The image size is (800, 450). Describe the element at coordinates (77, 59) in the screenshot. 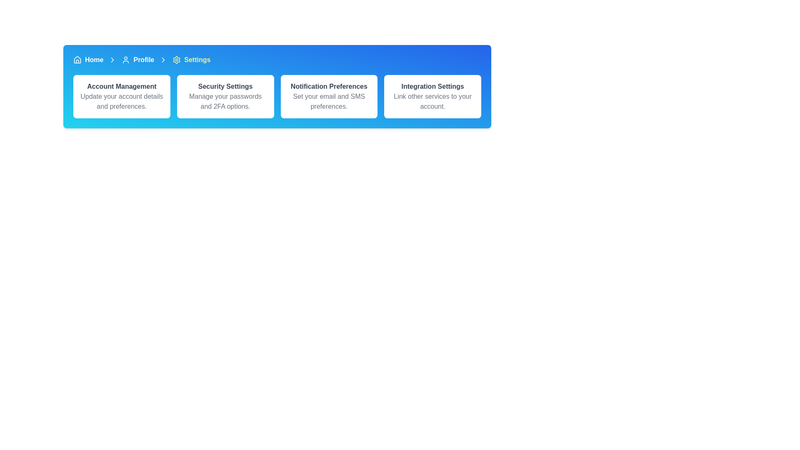

I see `the small house-shaped SVG icon at the top left of the navigation bar` at that location.